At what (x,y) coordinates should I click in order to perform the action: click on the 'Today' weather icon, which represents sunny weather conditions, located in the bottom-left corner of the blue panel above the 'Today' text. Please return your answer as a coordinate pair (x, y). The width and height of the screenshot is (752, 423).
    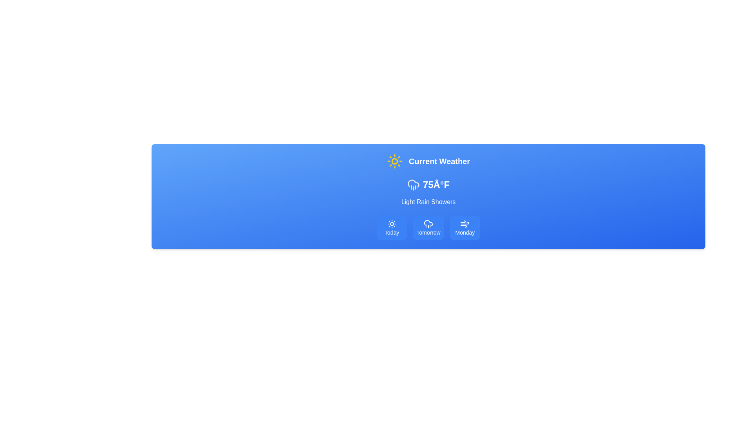
    Looking at the image, I should click on (392, 224).